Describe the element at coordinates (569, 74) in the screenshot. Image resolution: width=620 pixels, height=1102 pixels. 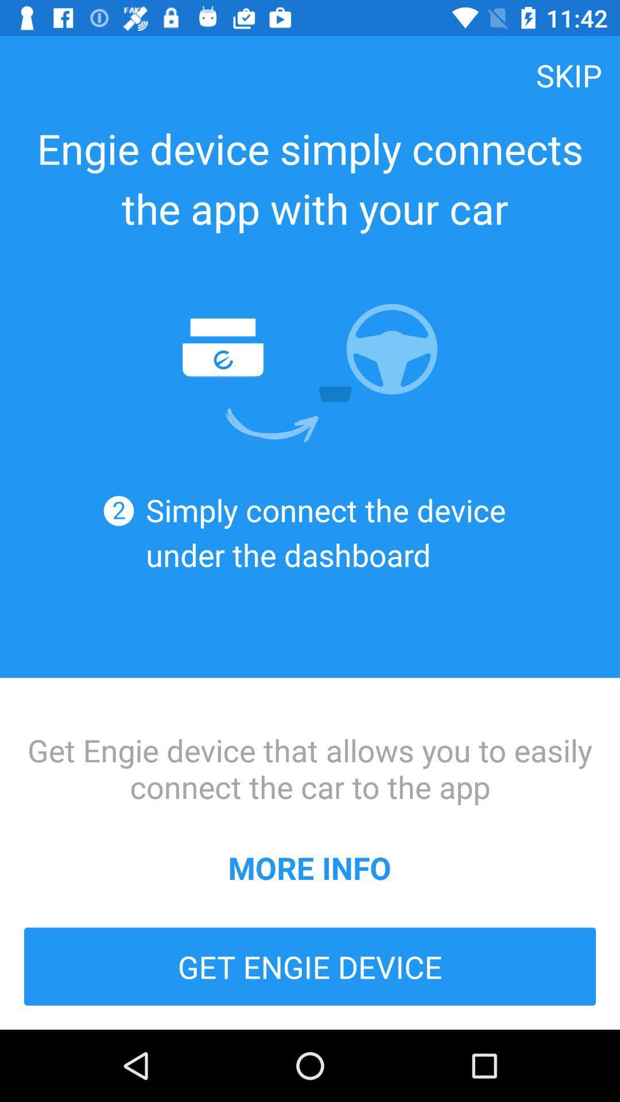
I see `the skip` at that location.